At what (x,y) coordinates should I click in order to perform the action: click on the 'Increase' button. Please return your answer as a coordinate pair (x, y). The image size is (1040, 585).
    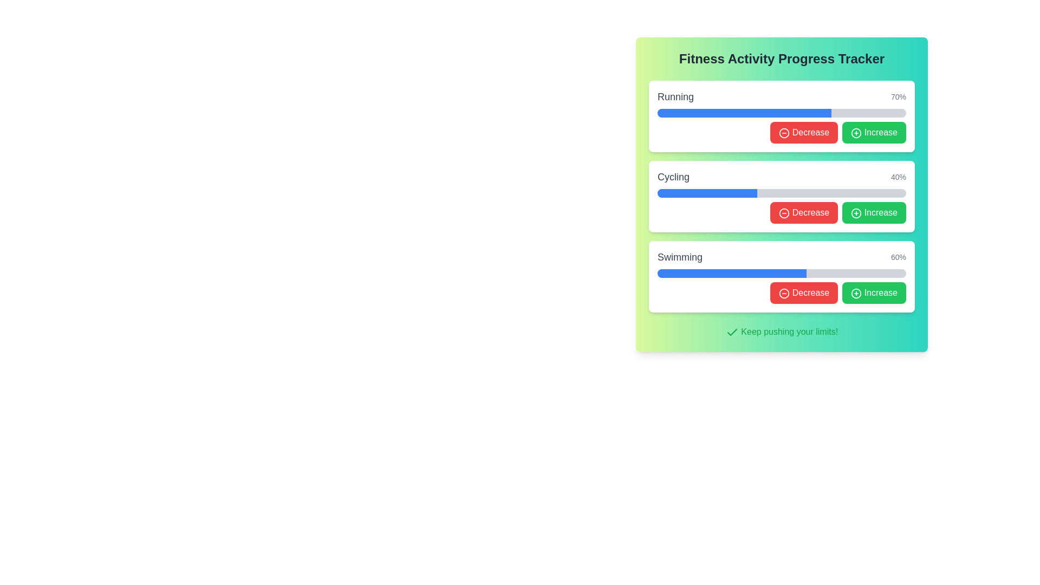
    Looking at the image, I should click on (874, 132).